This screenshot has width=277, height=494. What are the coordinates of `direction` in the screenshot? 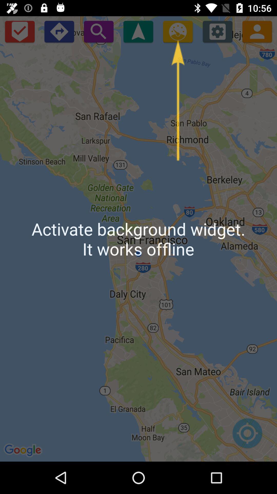 It's located at (59, 31).